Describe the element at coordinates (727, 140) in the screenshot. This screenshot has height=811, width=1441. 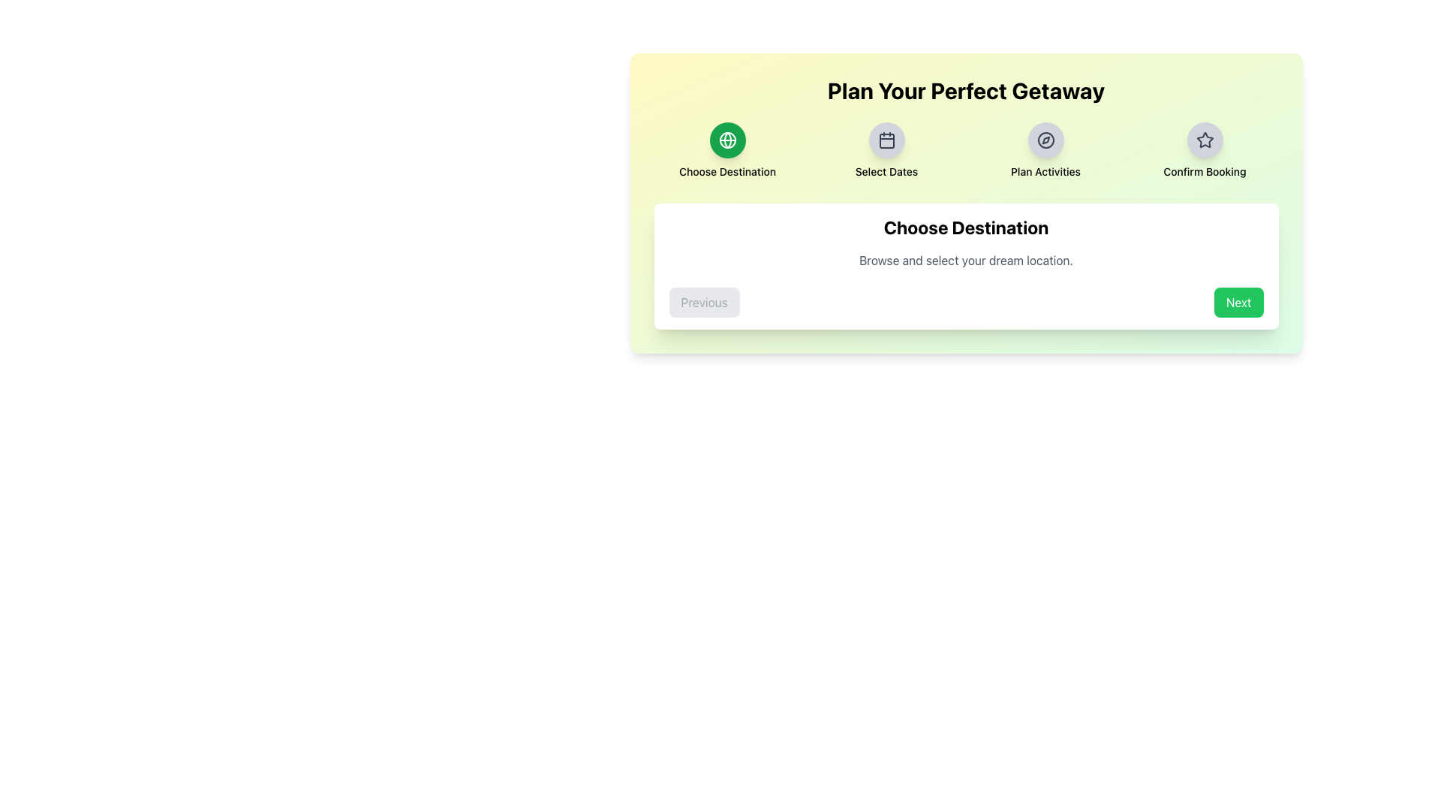
I see `the 'Choose Destination' button with an icon, which is the leftmost icon in a row of four at the top of the interface, aligned with the text below it` at that location.